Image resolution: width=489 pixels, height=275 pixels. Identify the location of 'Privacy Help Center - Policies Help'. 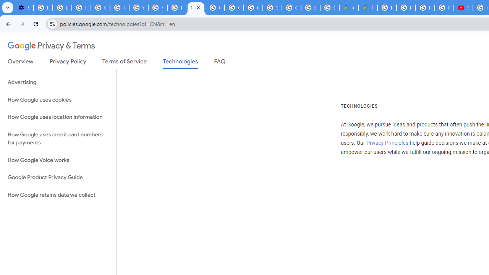
(424, 8).